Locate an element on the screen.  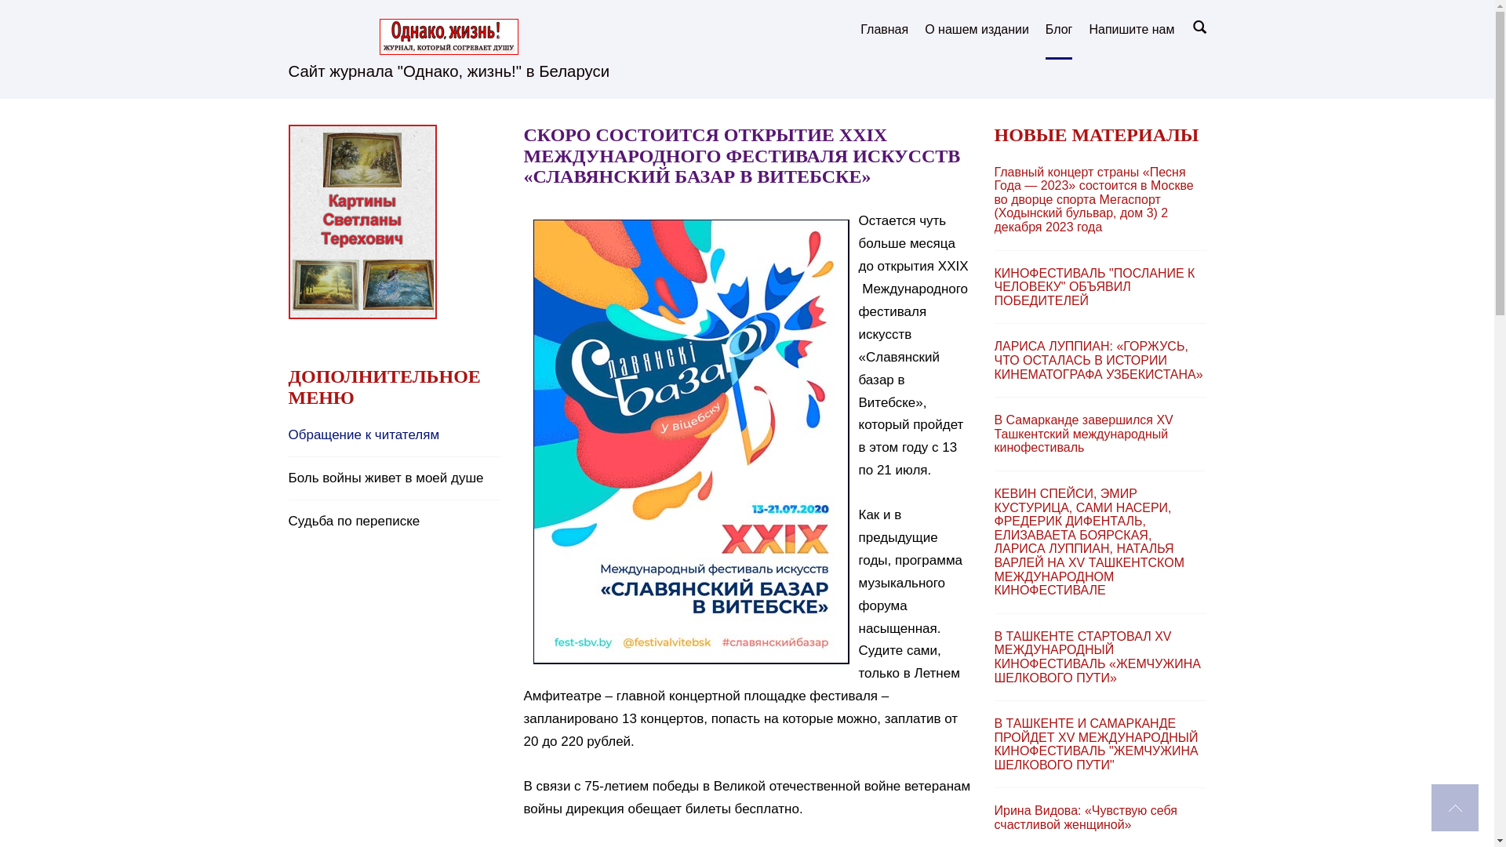
' ' is located at coordinates (1453, 807).